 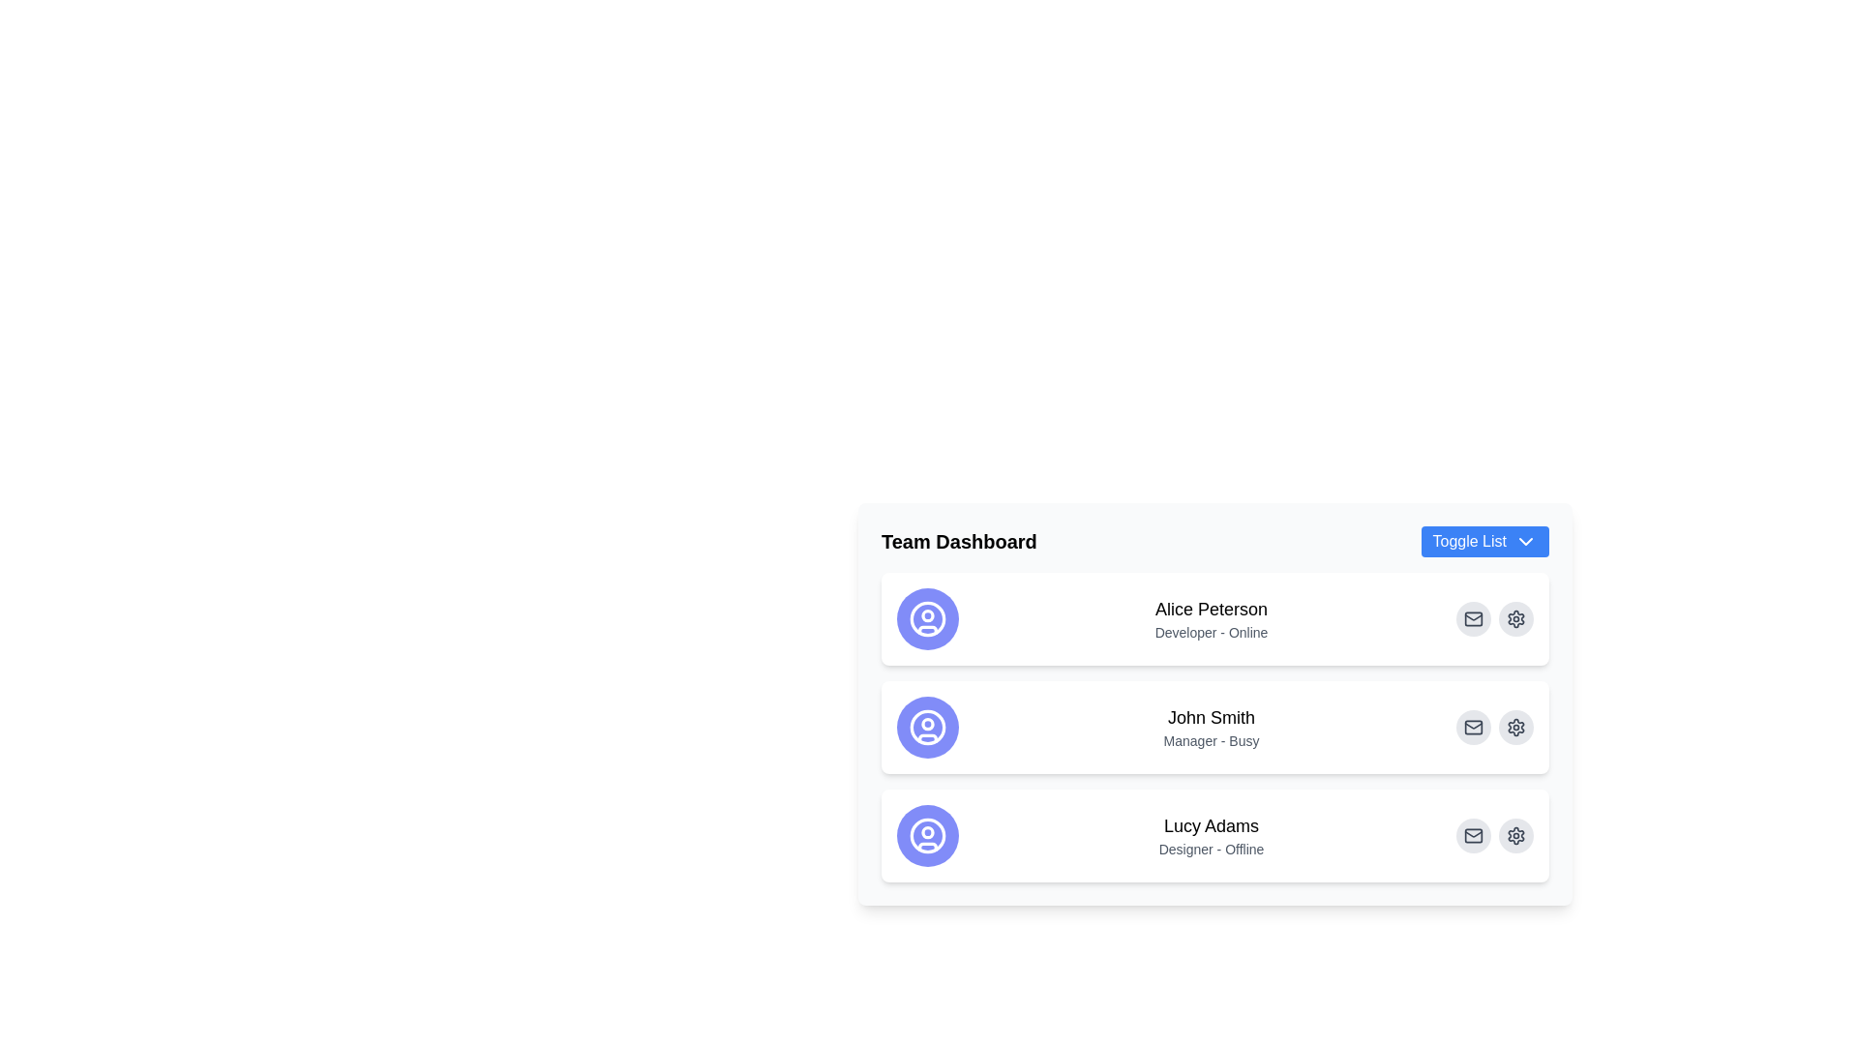 What do you see at coordinates (927, 728) in the screenshot?
I see `the Profile Icon representing 'John Smith' in the team member list located under 'Team Dashboard'` at bounding box center [927, 728].